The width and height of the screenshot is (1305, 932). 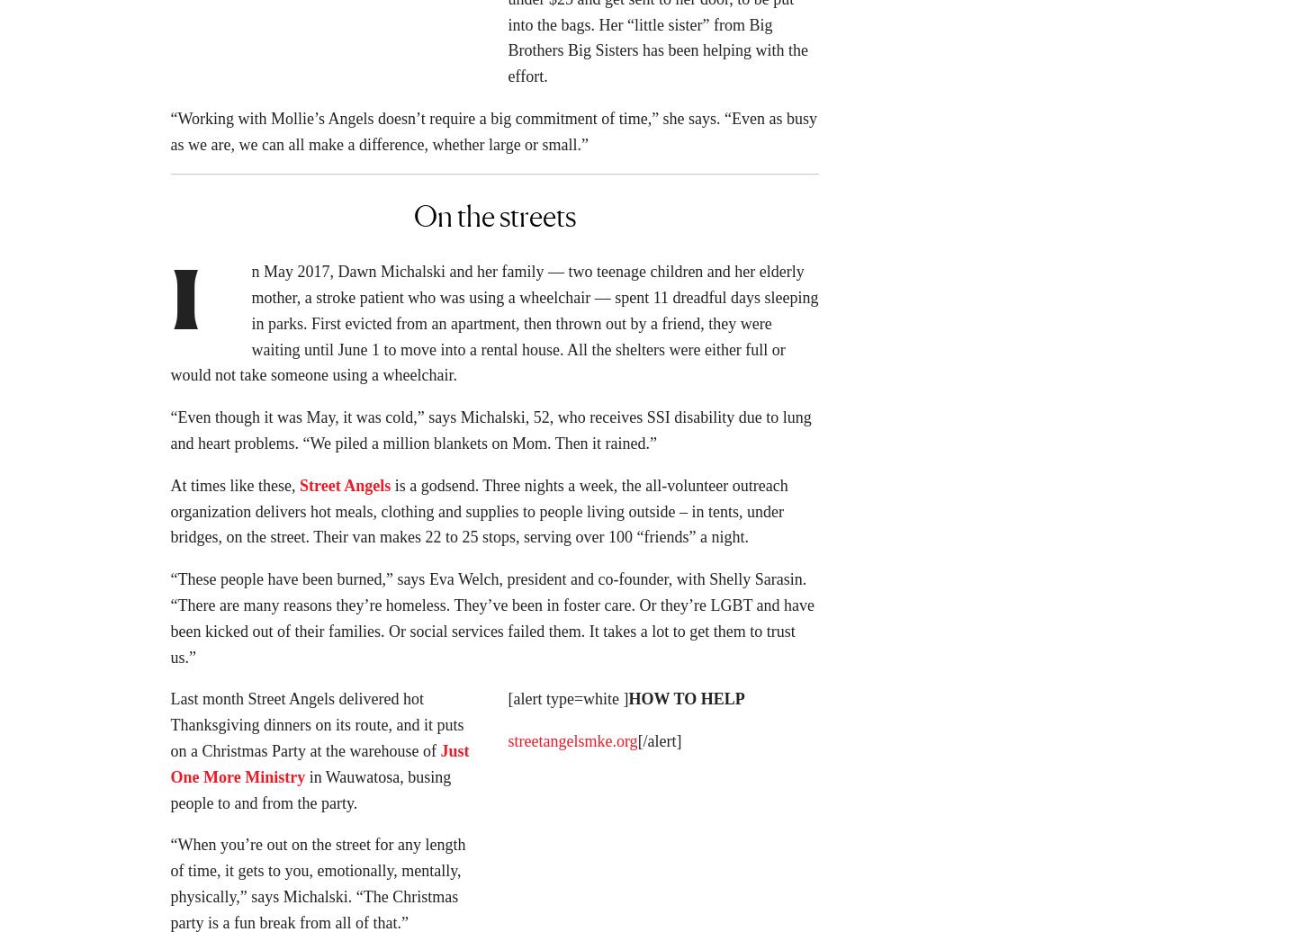 I want to click on 'streetangelsmke.org', so click(x=508, y=747).